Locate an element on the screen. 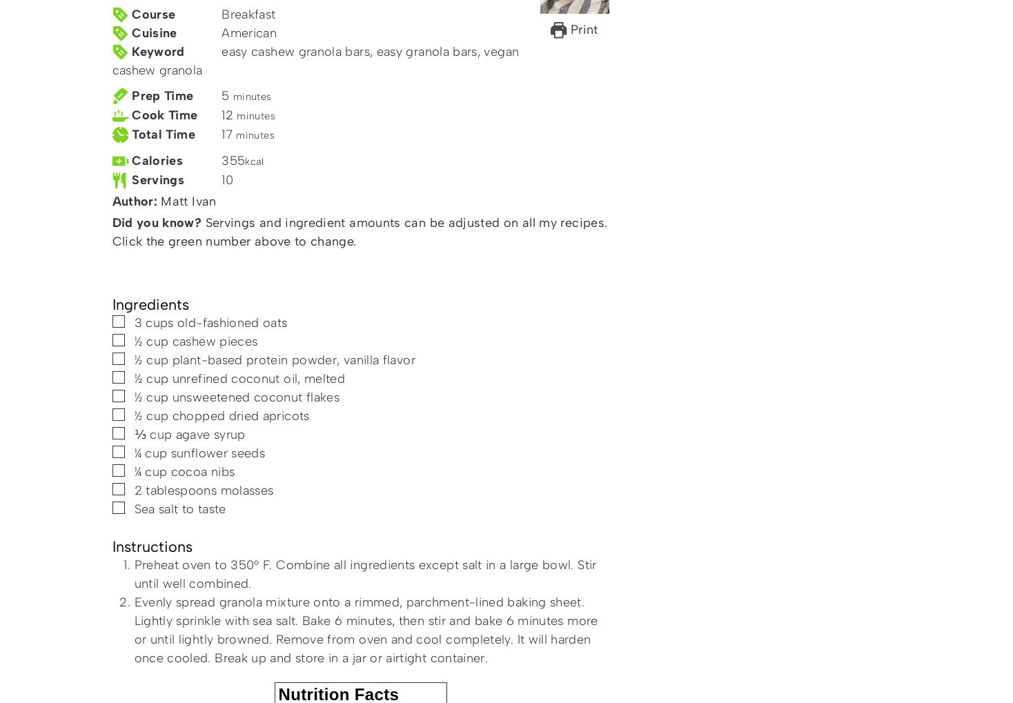 The width and height of the screenshot is (1013, 703). 'Calories' is located at coordinates (157, 161).